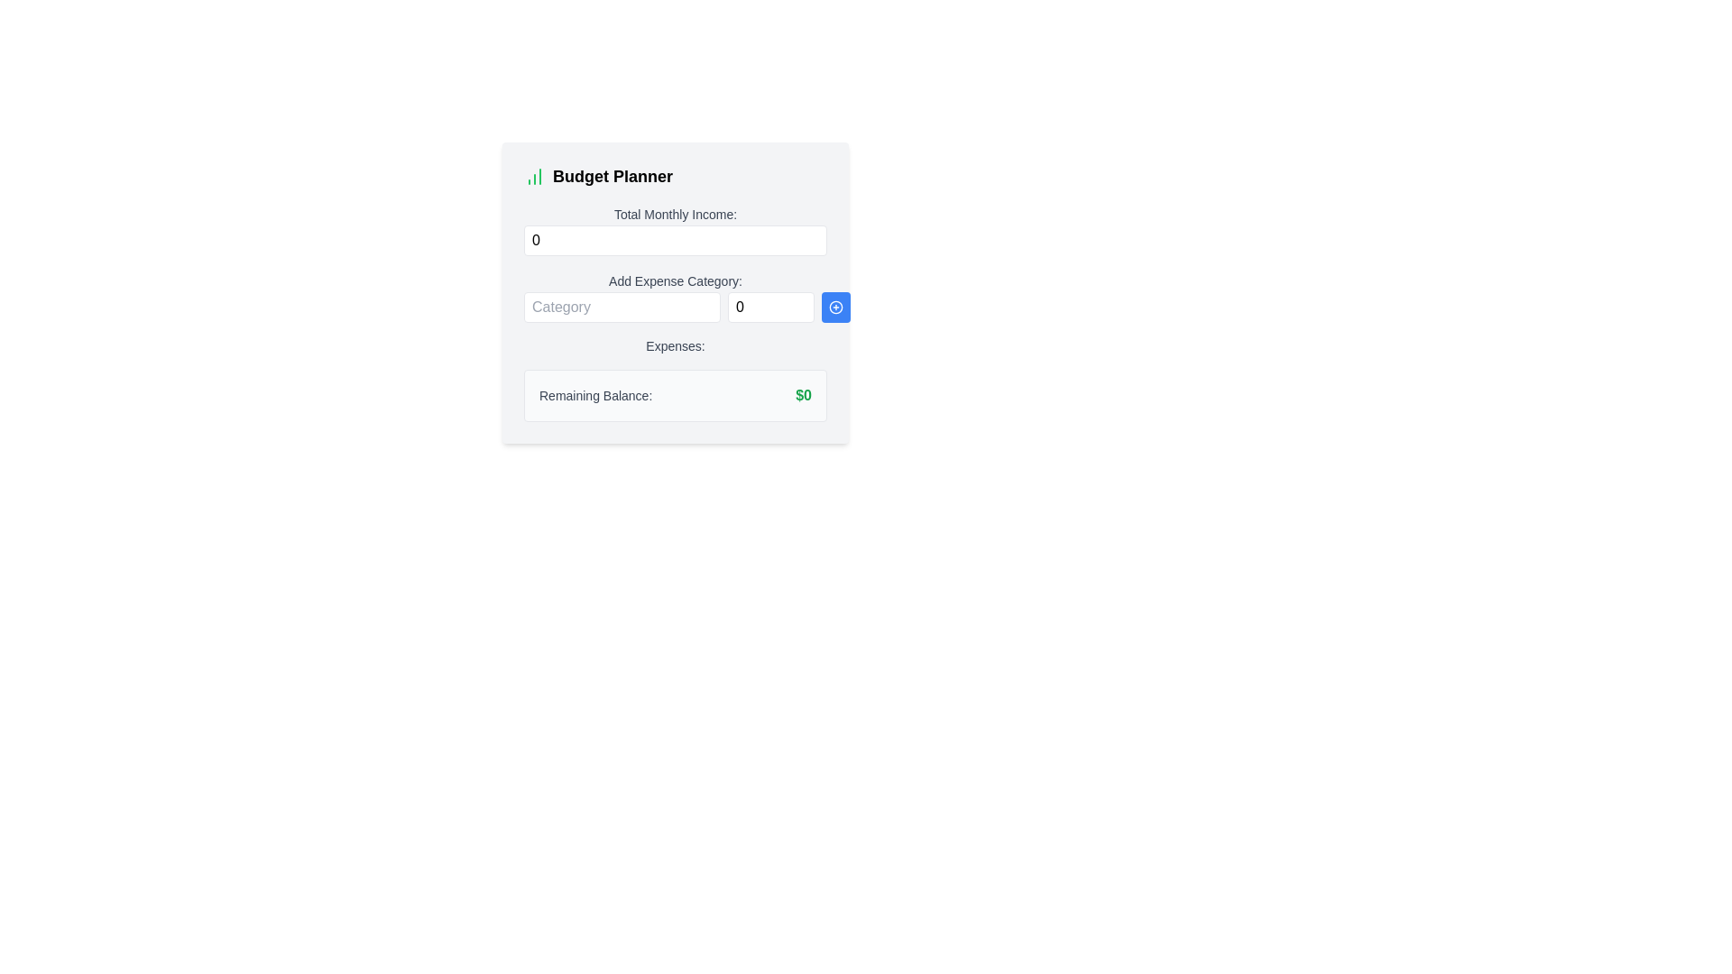 This screenshot has height=974, width=1732. Describe the element at coordinates (834, 306) in the screenshot. I see `the 'Add Expense Category' button with an embedded icon located to the right of the numeric input field labeled '0'` at that location.